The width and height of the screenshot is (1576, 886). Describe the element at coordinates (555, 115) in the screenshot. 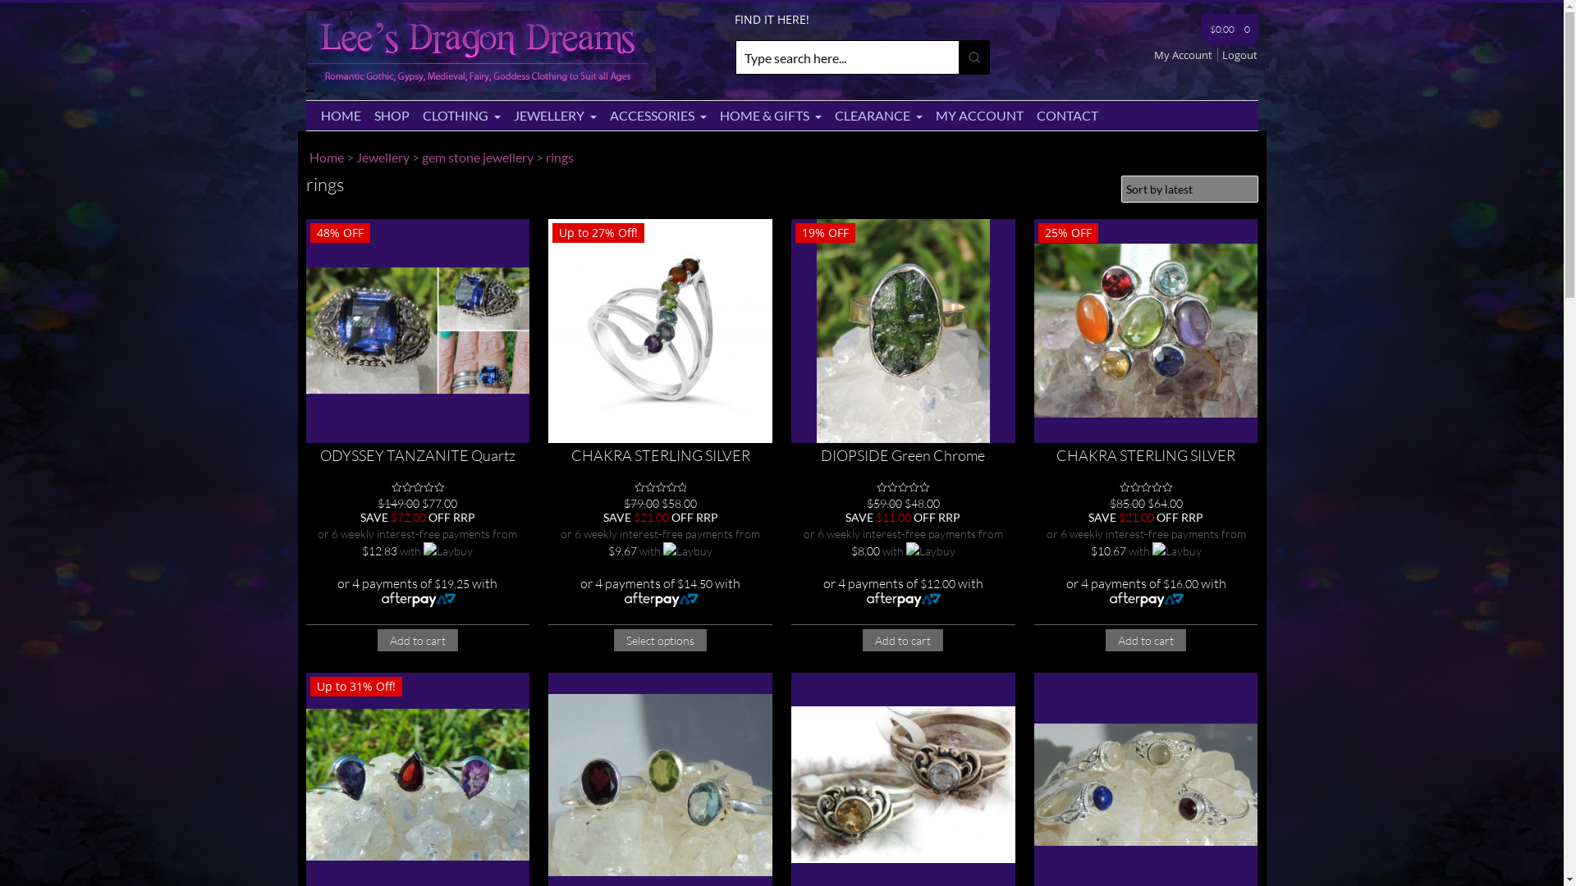

I see `'JEWELLERY'` at that location.